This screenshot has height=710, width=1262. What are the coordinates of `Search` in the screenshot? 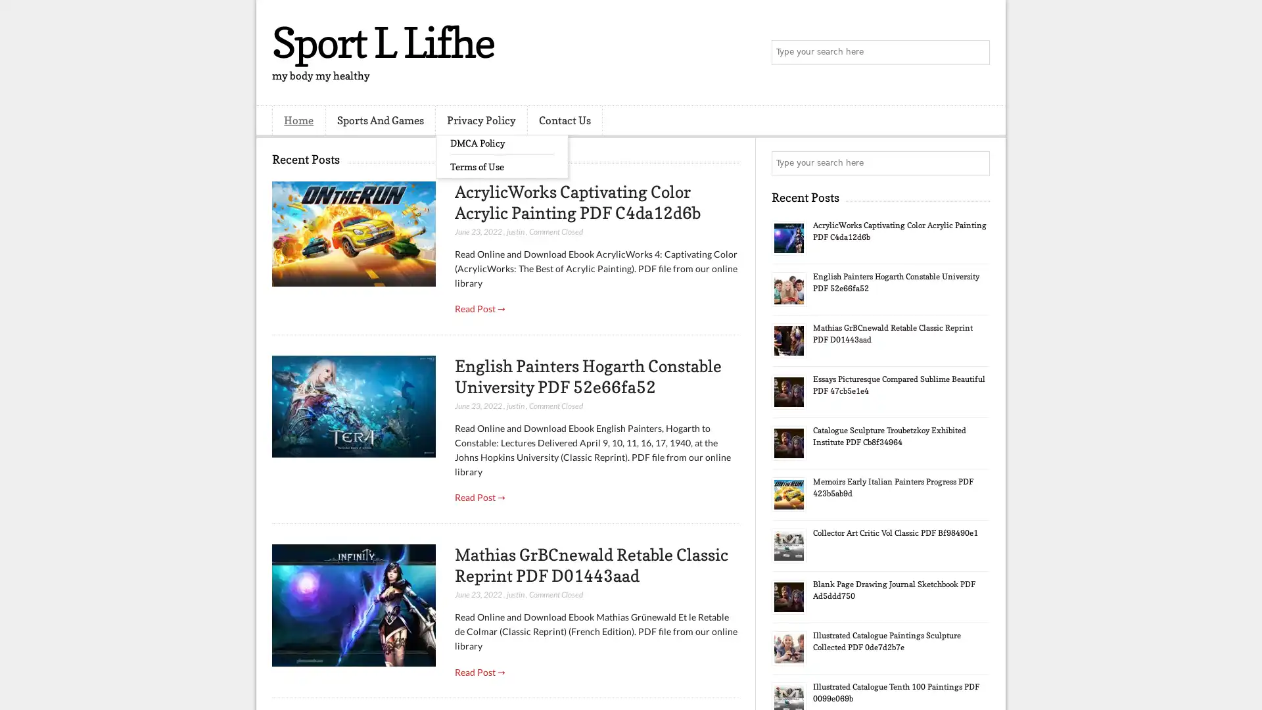 It's located at (976, 163).